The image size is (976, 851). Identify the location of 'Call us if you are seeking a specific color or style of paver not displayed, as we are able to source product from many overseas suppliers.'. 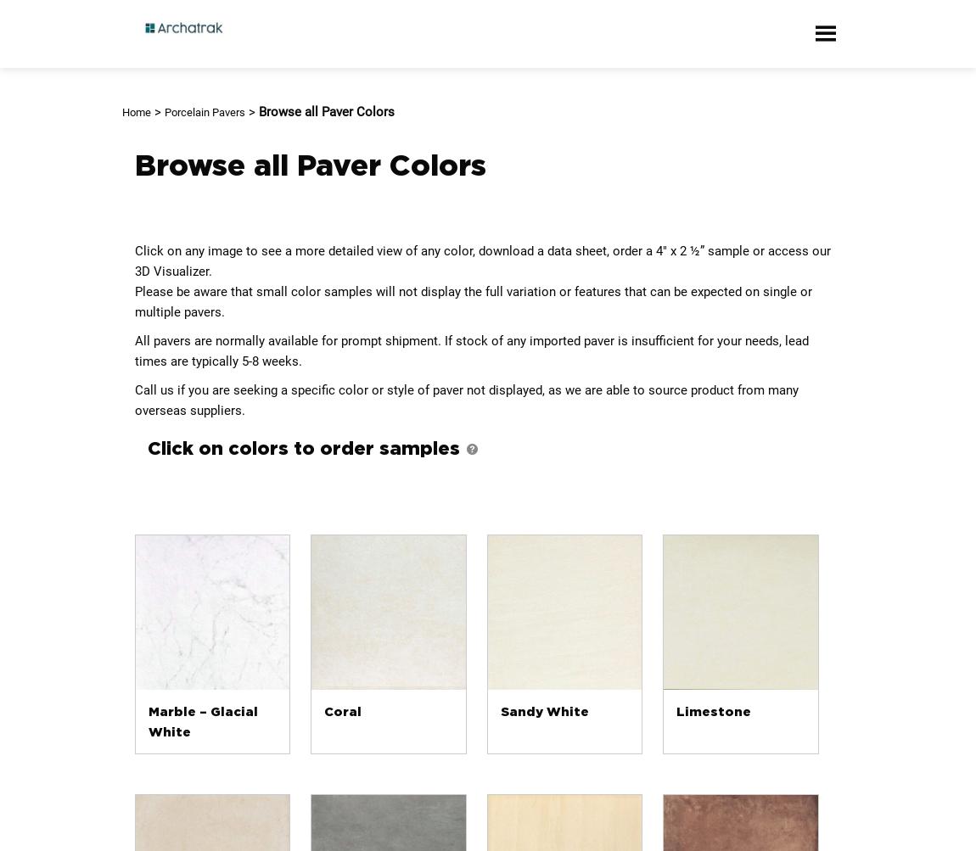
(466, 400).